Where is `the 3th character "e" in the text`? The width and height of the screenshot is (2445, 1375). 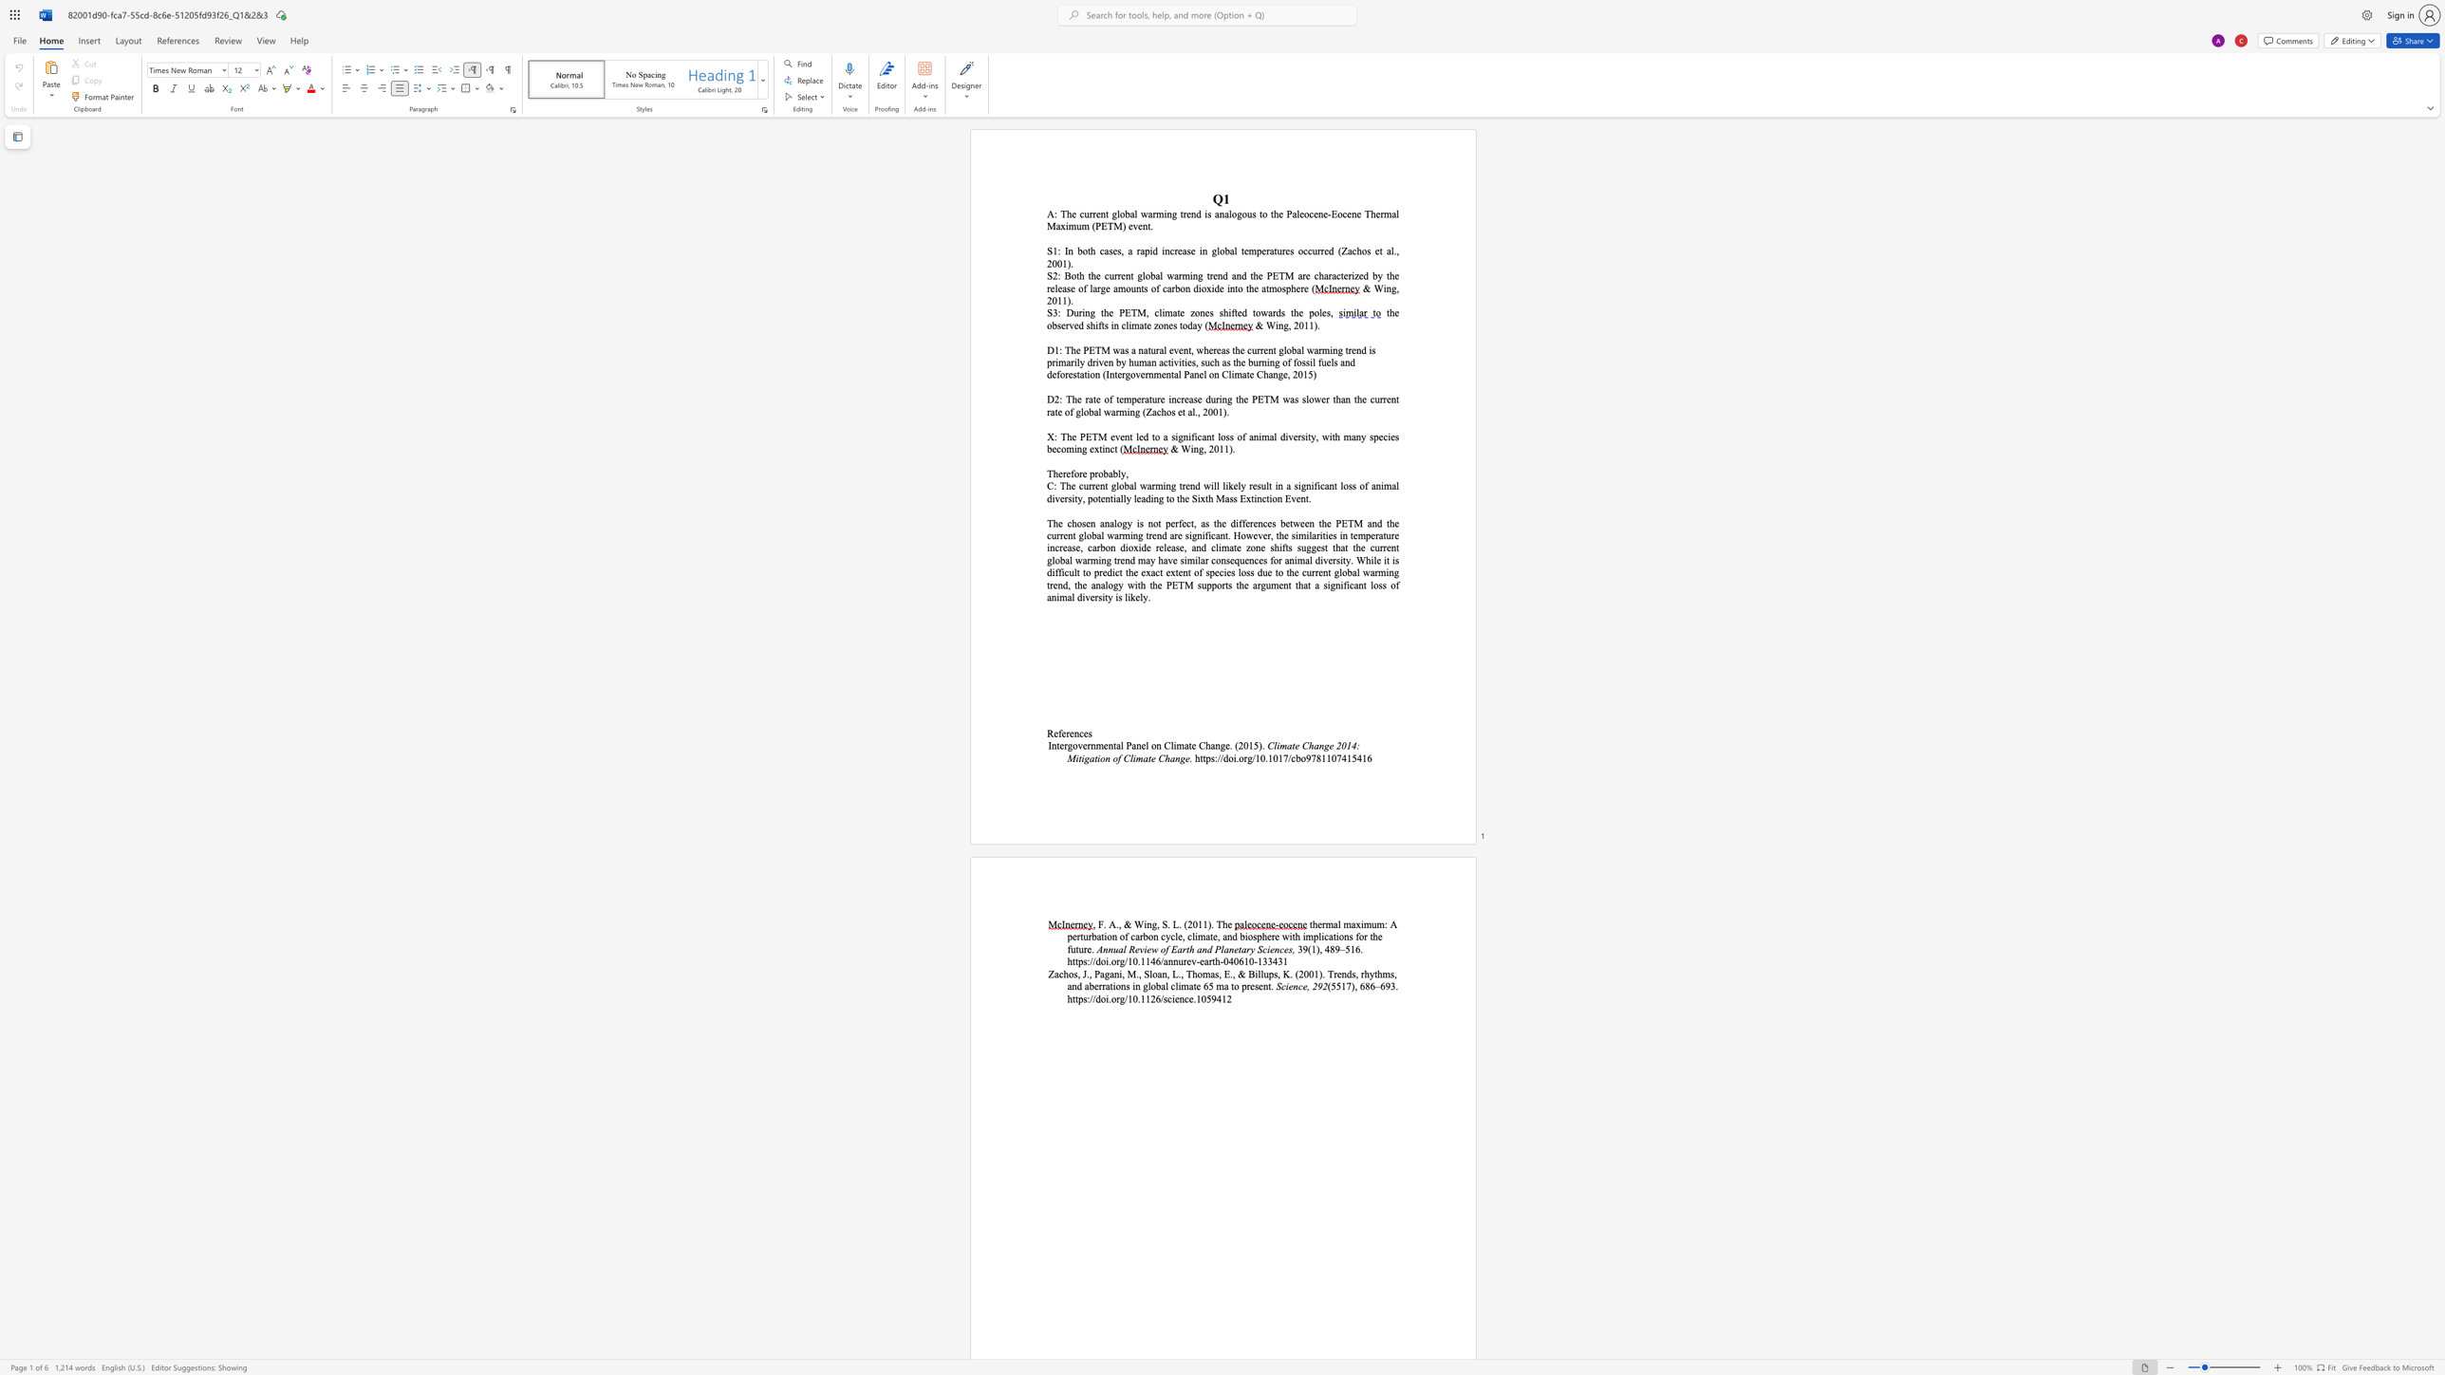 the 3th character "e" in the text is located at coordinates (1153, 757).